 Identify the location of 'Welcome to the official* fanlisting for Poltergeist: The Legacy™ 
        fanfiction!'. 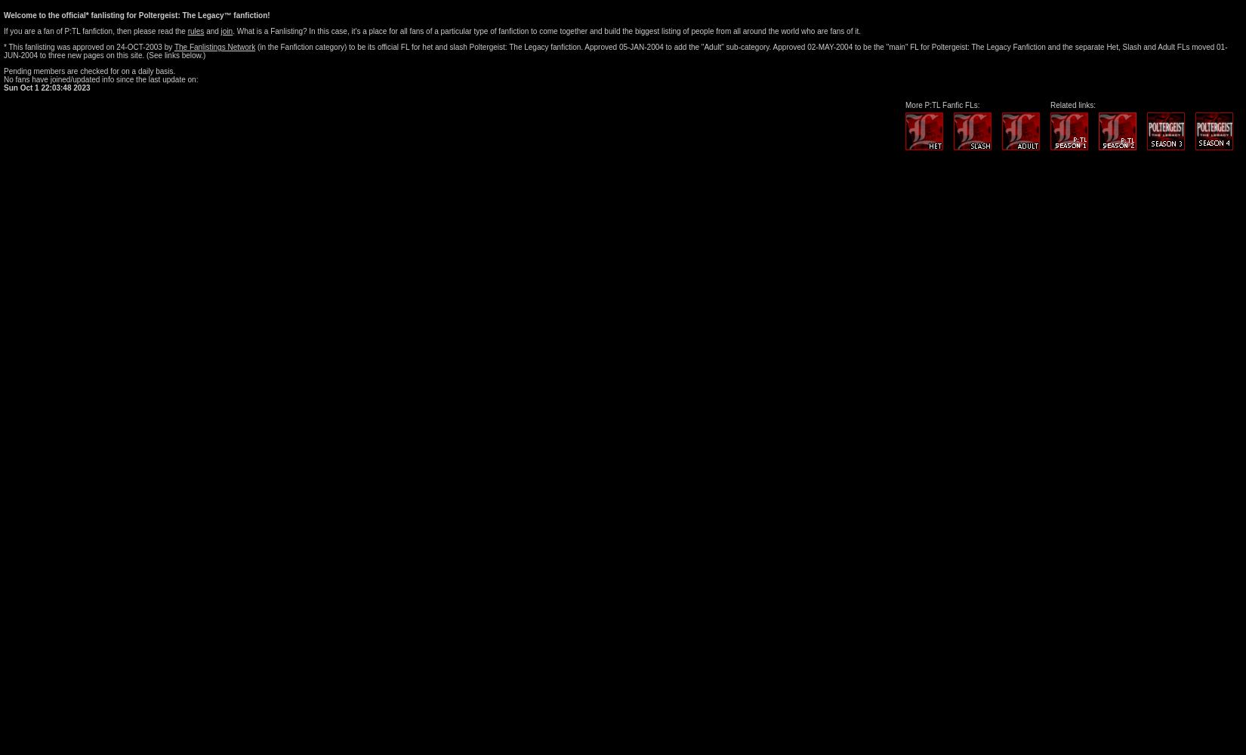
(3, 15).